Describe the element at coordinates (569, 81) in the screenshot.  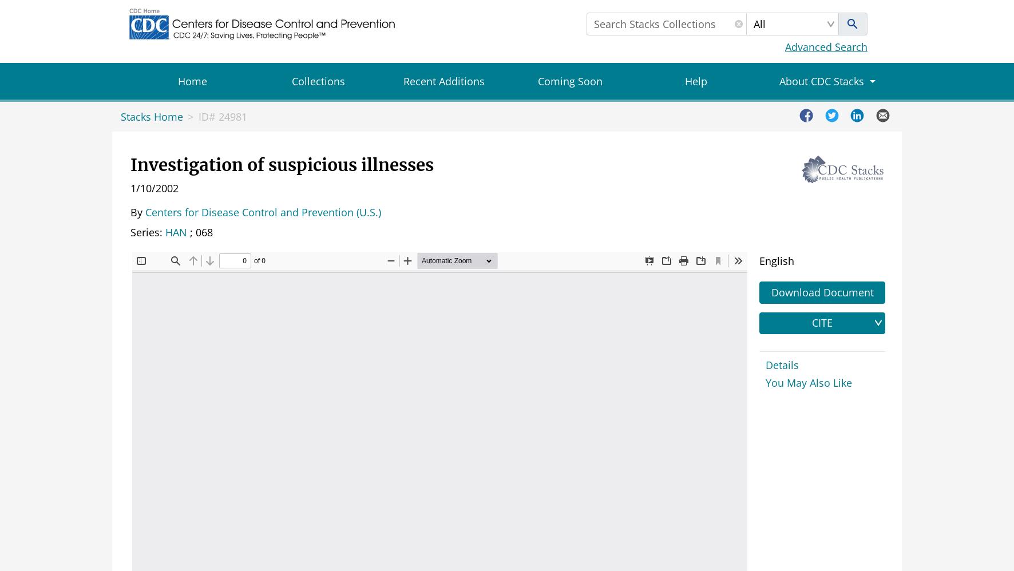
I see `'Coming Soon'` at that location.